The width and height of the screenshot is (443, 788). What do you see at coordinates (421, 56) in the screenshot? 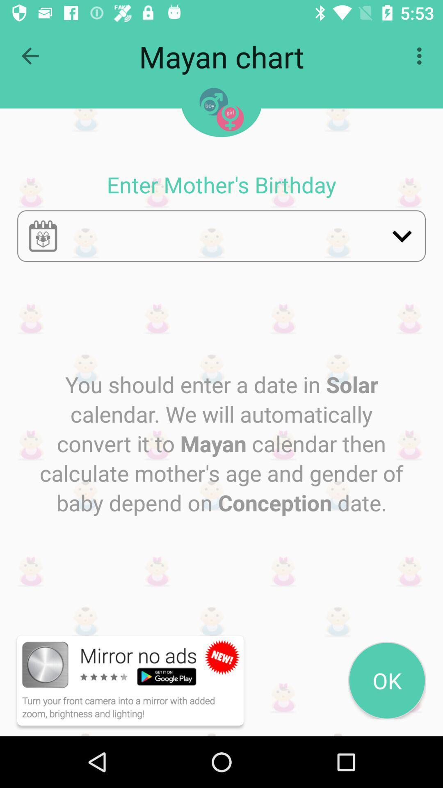
I see `the three dots button on the top right corner of the web page` at bounding box center [421, 56].